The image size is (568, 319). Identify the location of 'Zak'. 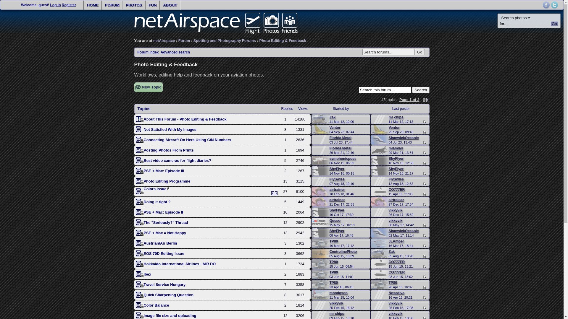
(333, 117).